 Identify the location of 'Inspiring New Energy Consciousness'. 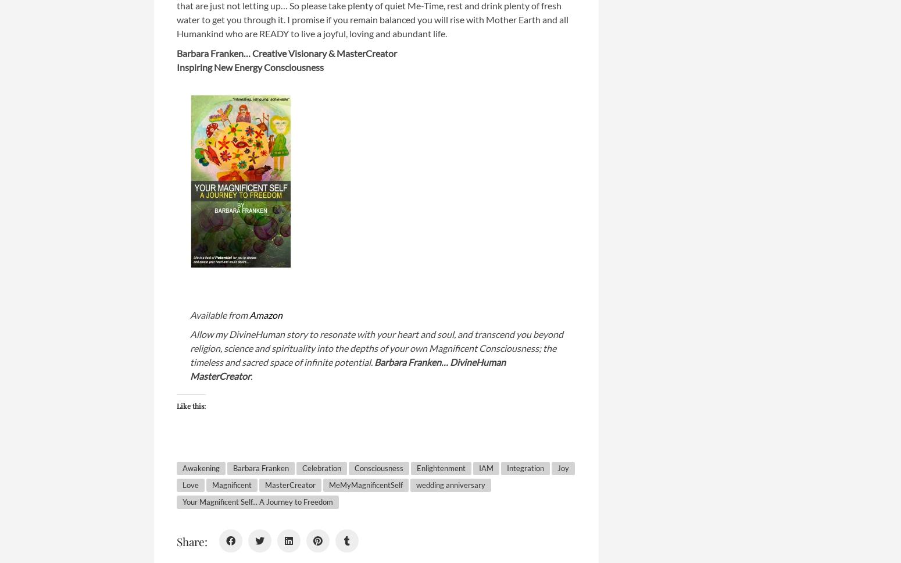
(176, 66).